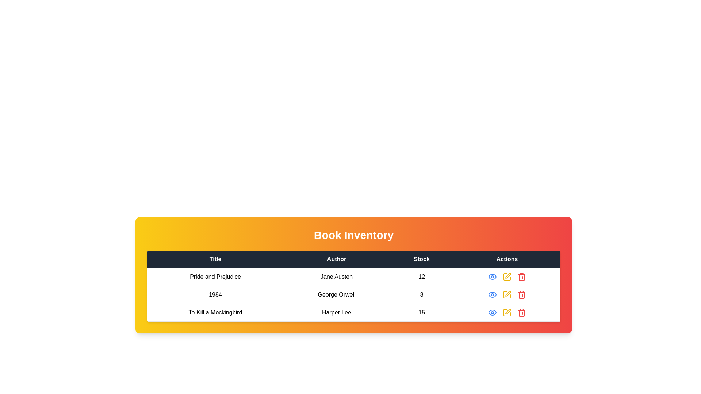  Describe the element at coordinates (422, 312) in the screenshot. I see `the numeric cell displaying the number '15' in the third row and third column of the tabular structure` at that location.